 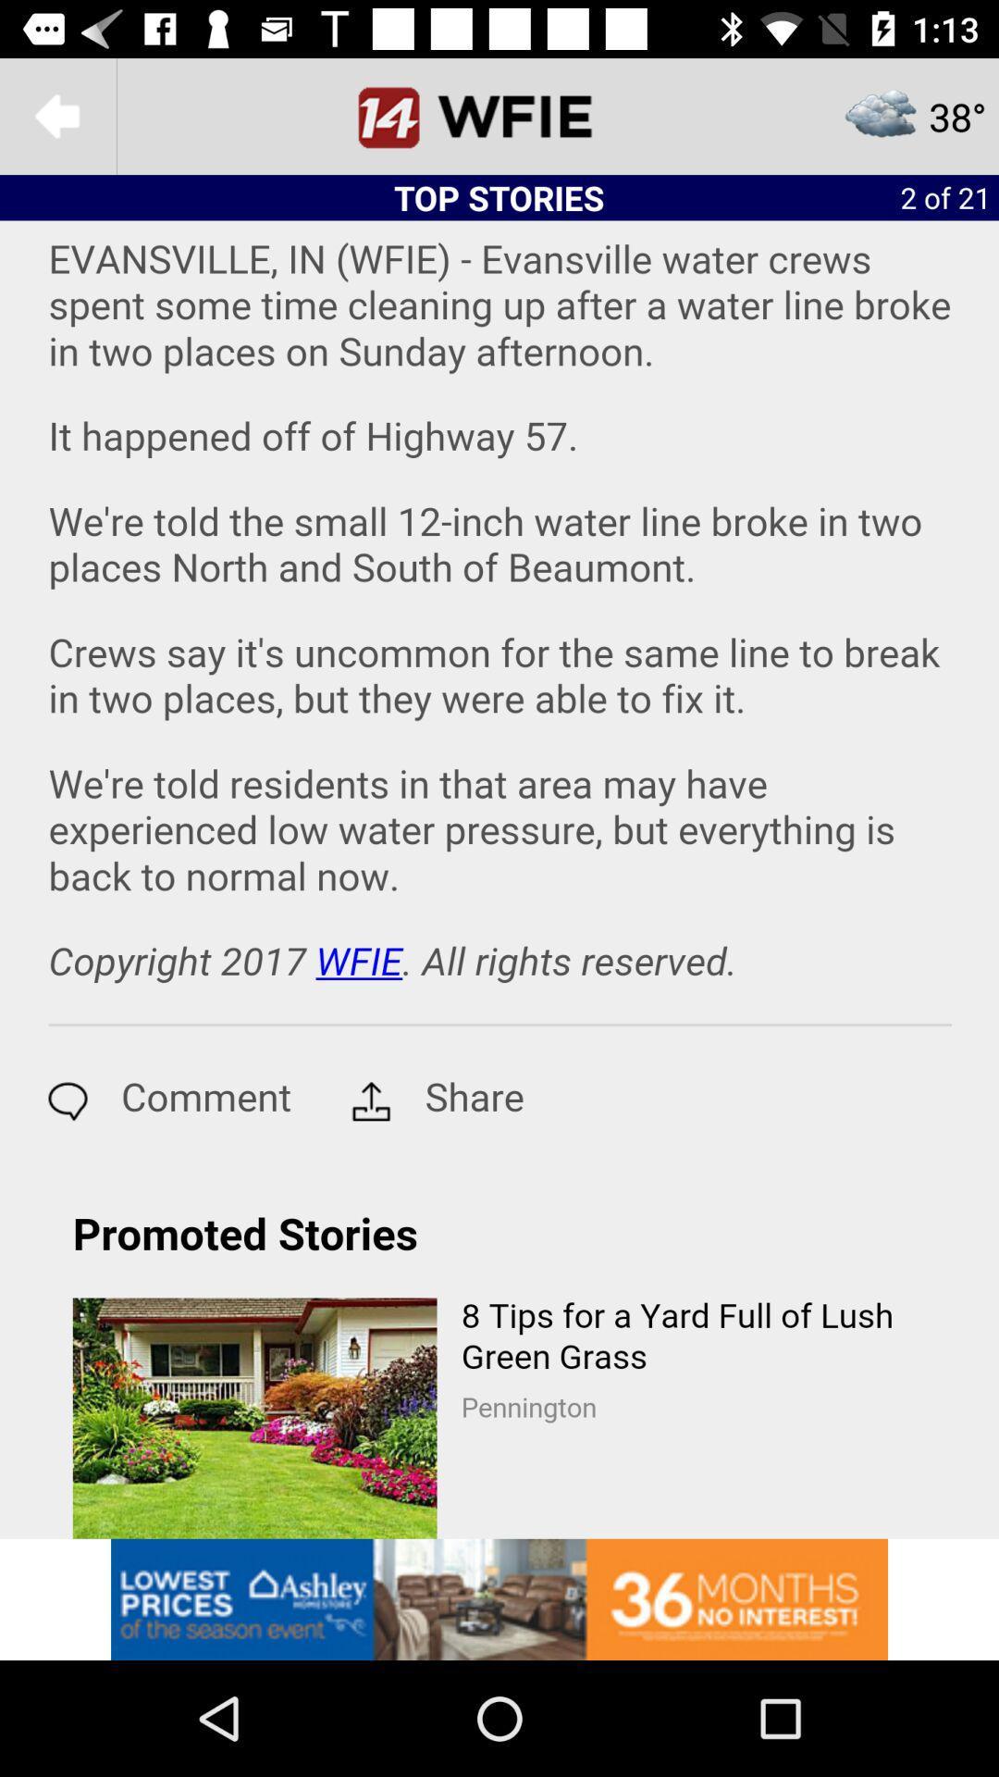 What do you see at coordinates (499, 115) in the screenshot?
I see `home page` at bounding box center [499, 115].